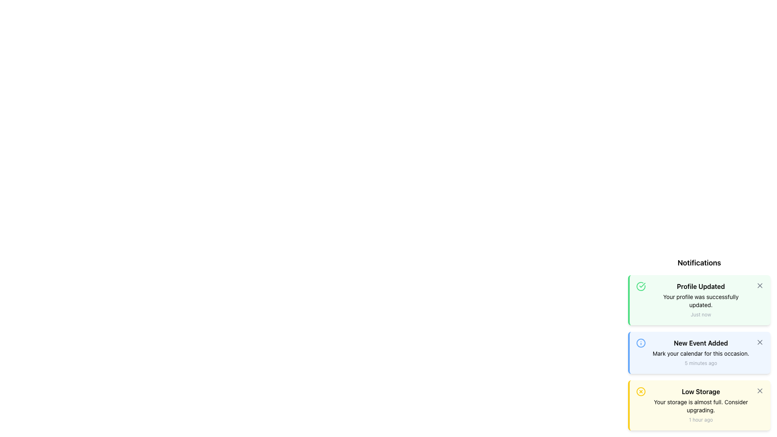 The image size is (777, 437). I want to click on timestamp information displayed as '1 hour ago' in light gray font at the bottom-right of the 'Low Storage' notification card, so click(701, 419).